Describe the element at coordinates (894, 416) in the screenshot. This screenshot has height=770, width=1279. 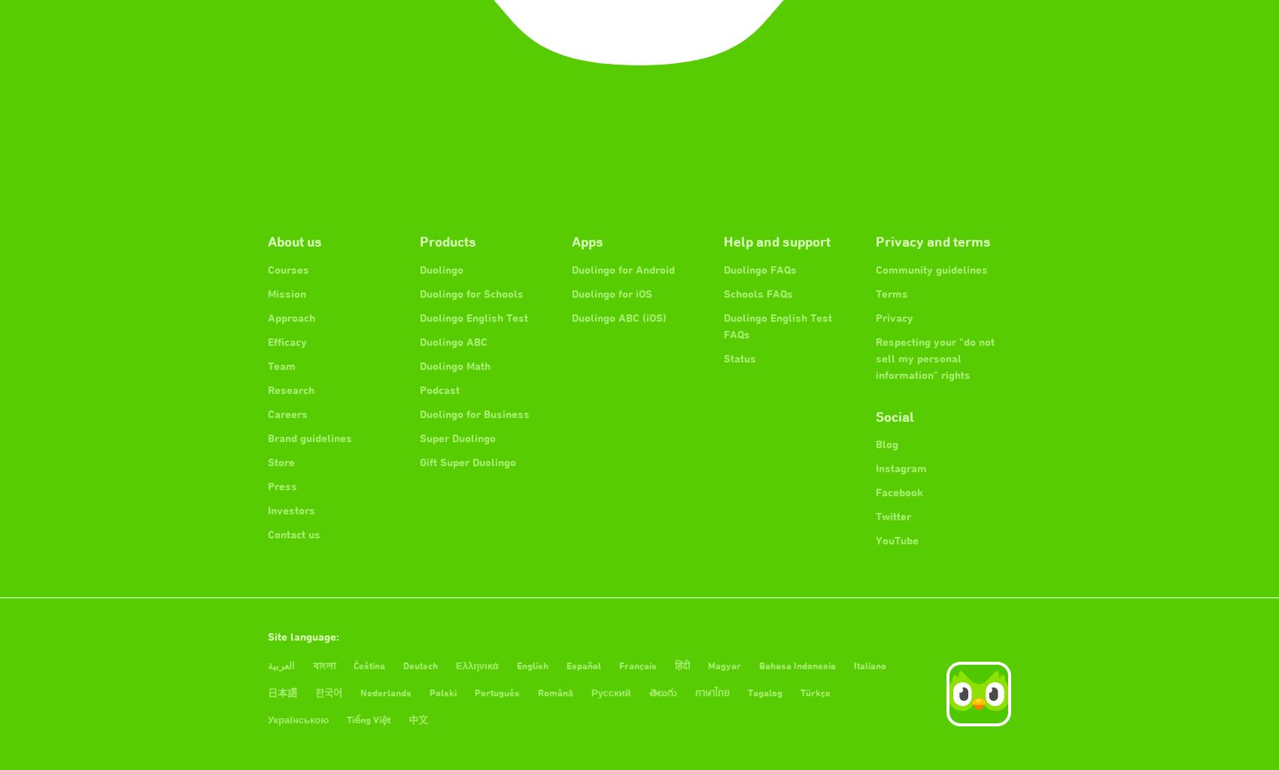
I see `'Social'` at that location.